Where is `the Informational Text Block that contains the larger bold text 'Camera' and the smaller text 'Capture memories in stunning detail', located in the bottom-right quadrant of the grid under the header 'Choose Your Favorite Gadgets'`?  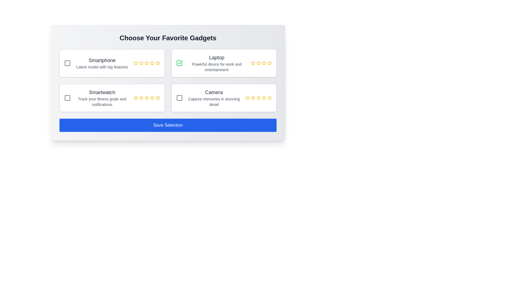
the Informational Text Block that contains the larger bold text 'Camera' and the smaller text 'Capture memories in stunning detail', located in the bottom-right quadrant of the grid under the header 'Choose Your Favorite Gadgets' is located at coordinates (214, 97).